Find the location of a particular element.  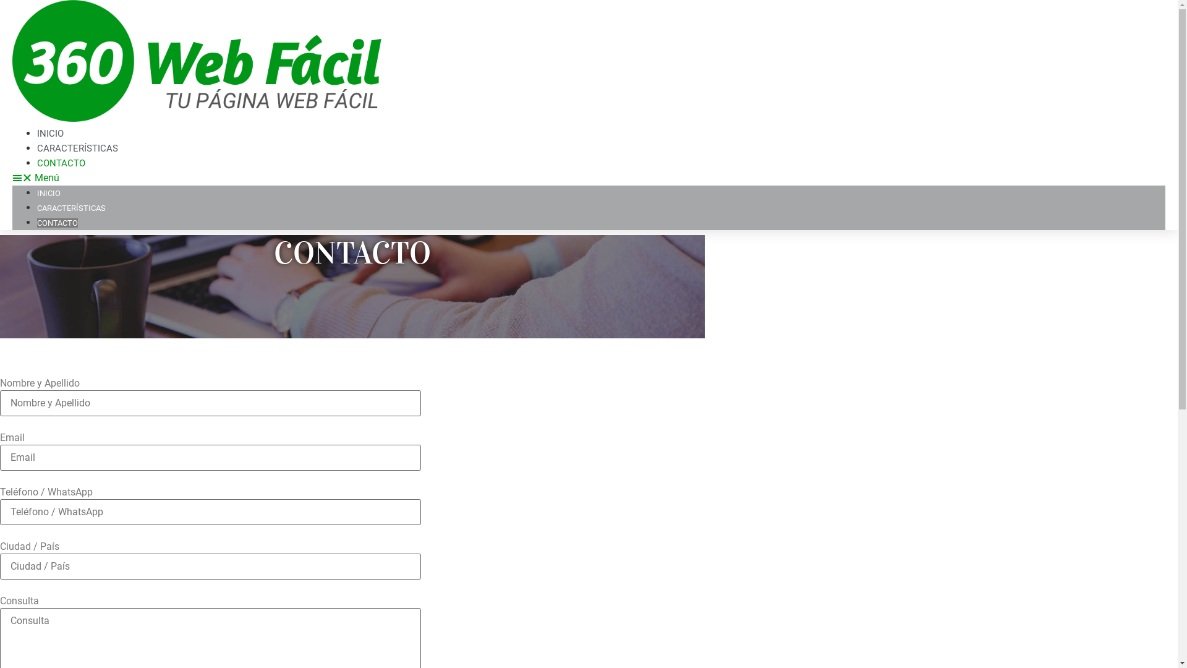

'INICIO' is located at coordinates (49, 134).